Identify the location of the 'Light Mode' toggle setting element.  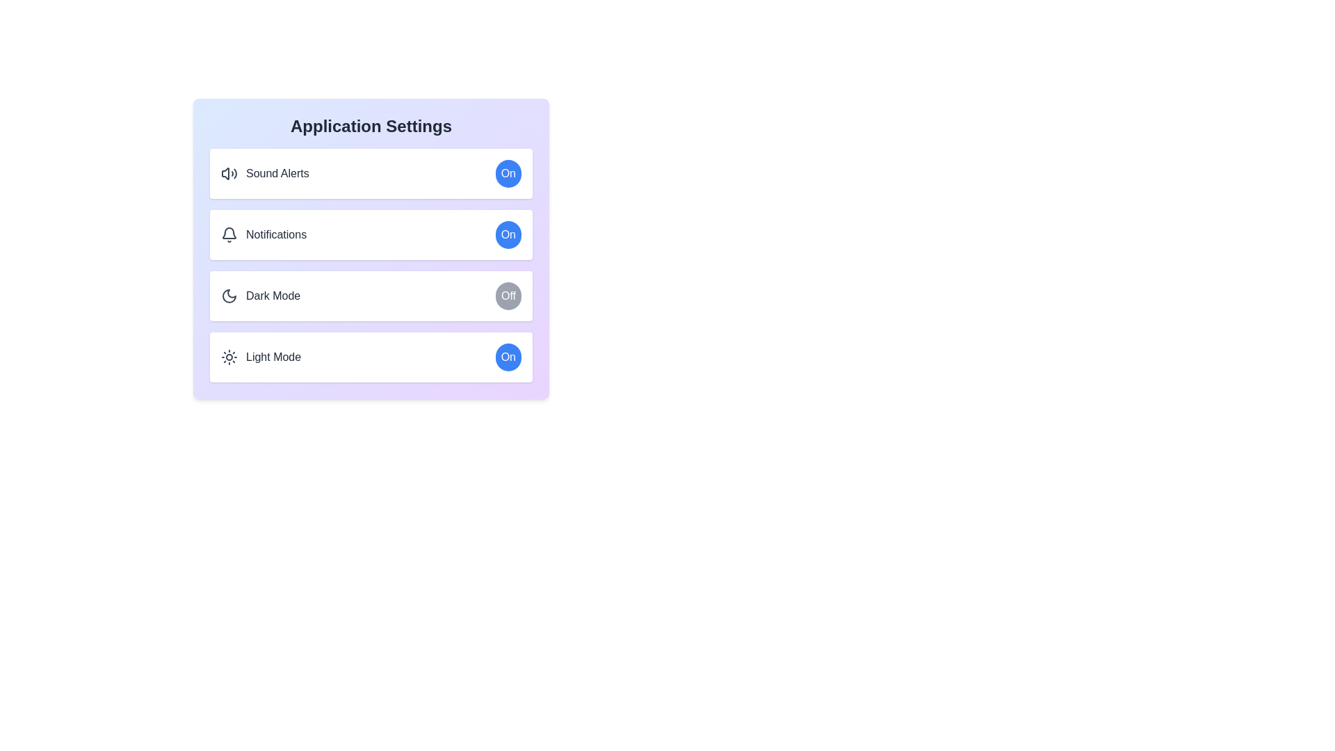
(371, 356).